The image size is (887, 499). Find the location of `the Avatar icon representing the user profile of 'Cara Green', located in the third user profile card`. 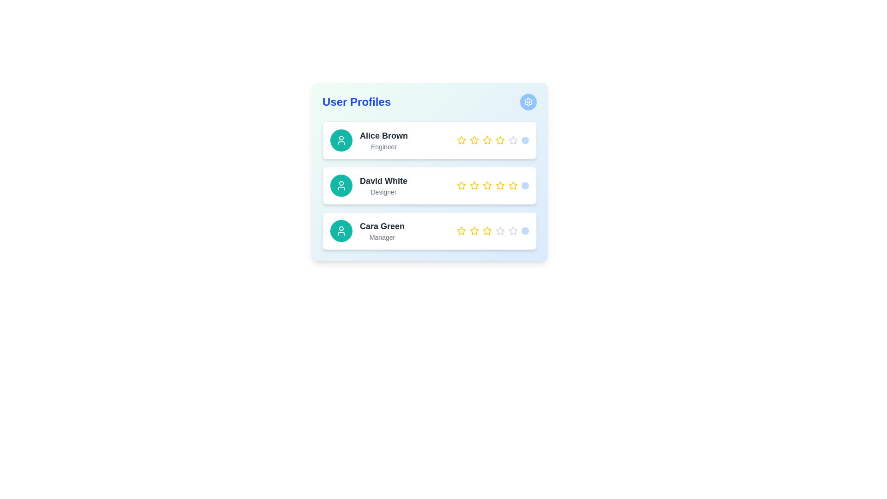

the Avatar icon representing the user profile of 'Cara Green', located in the third user profile card is located at coordinates (341, 231).